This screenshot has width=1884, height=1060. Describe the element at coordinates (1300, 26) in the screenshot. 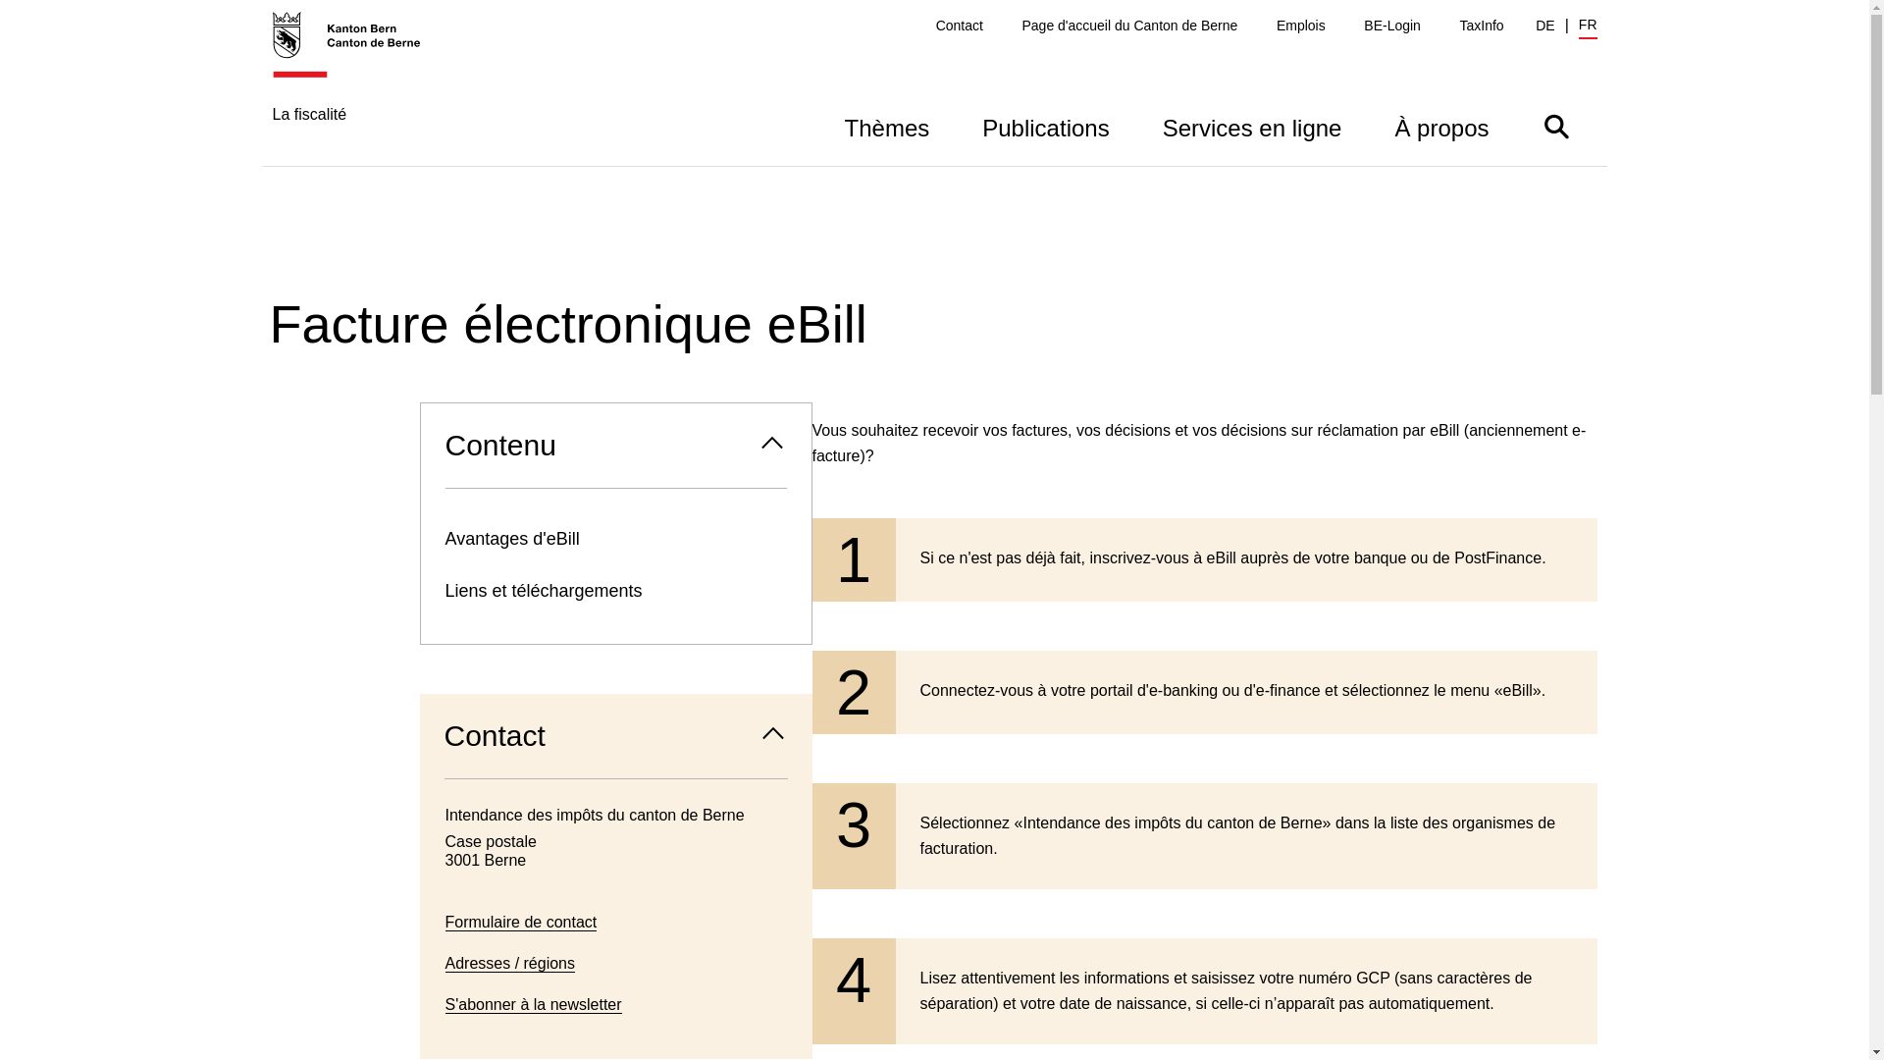

I see `'Emplois'` at that location.